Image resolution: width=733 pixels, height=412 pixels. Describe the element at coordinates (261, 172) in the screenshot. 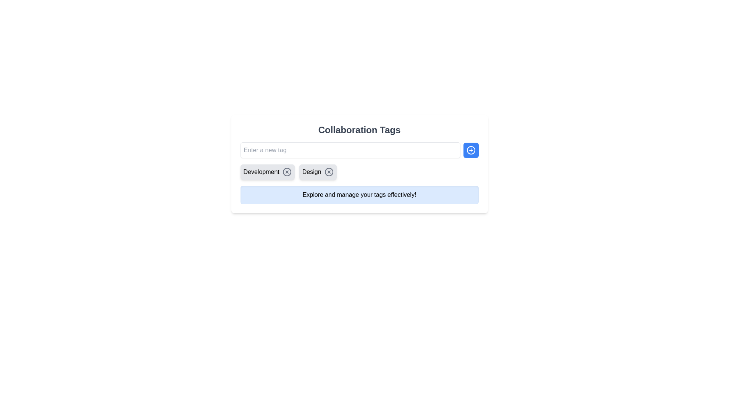

I see `the 'Development' text label from the left center region of the 'Collaboration Tags' area` at that location.